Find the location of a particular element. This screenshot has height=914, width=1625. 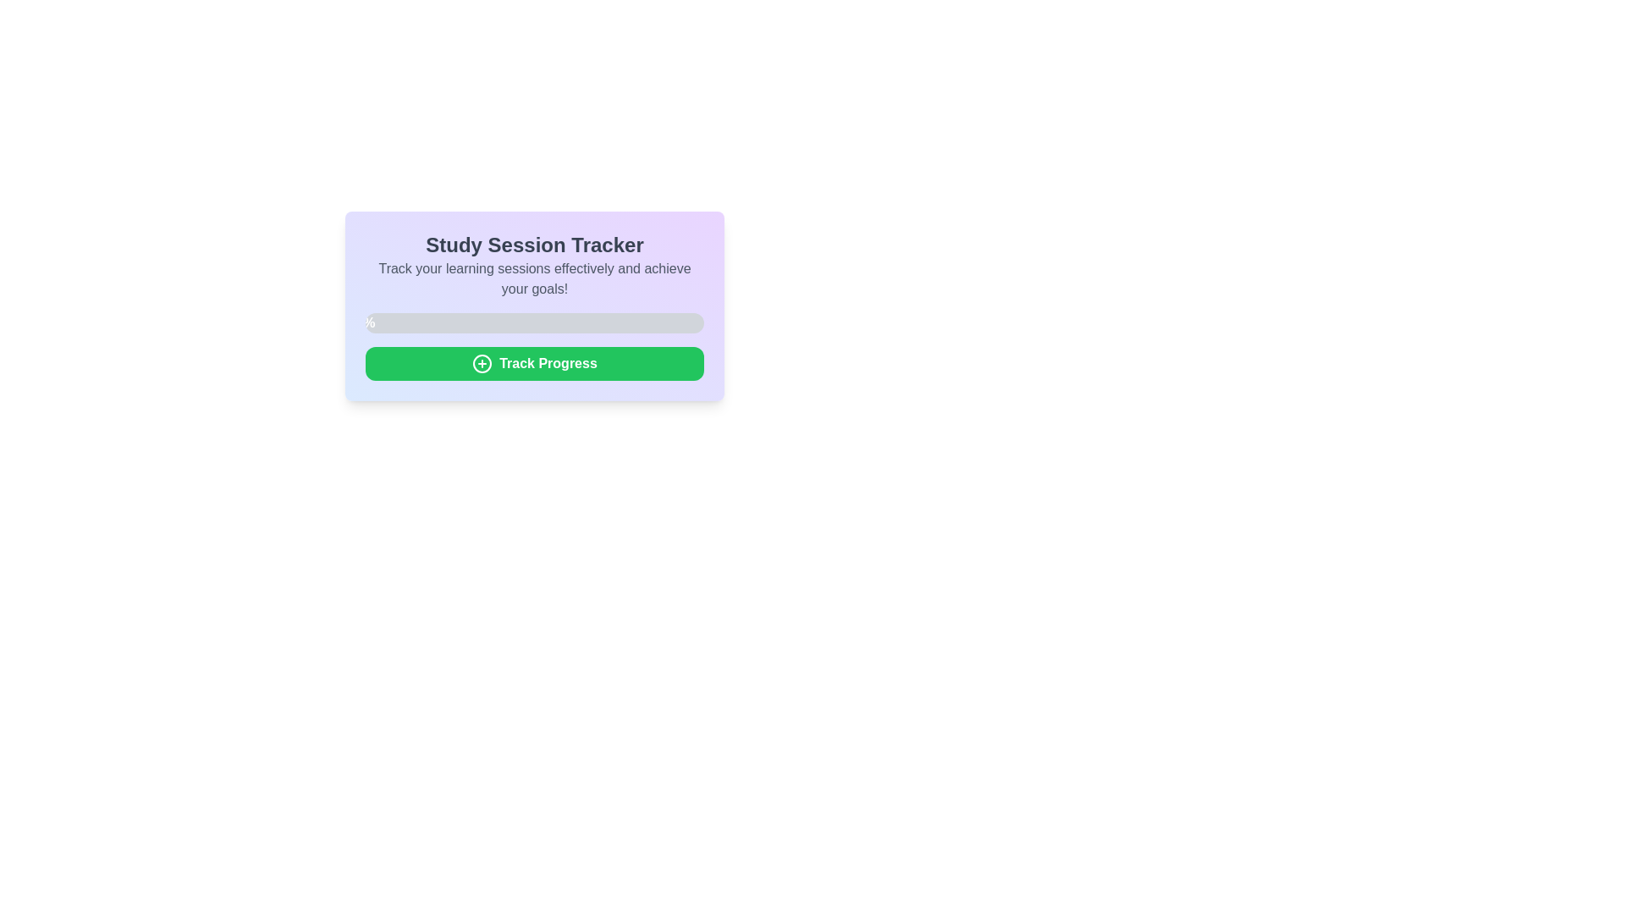

the central text block that serves as a header and introductory description, positioned above the progress bar and 'Track Progress' button is located at coordinates (534, 265).